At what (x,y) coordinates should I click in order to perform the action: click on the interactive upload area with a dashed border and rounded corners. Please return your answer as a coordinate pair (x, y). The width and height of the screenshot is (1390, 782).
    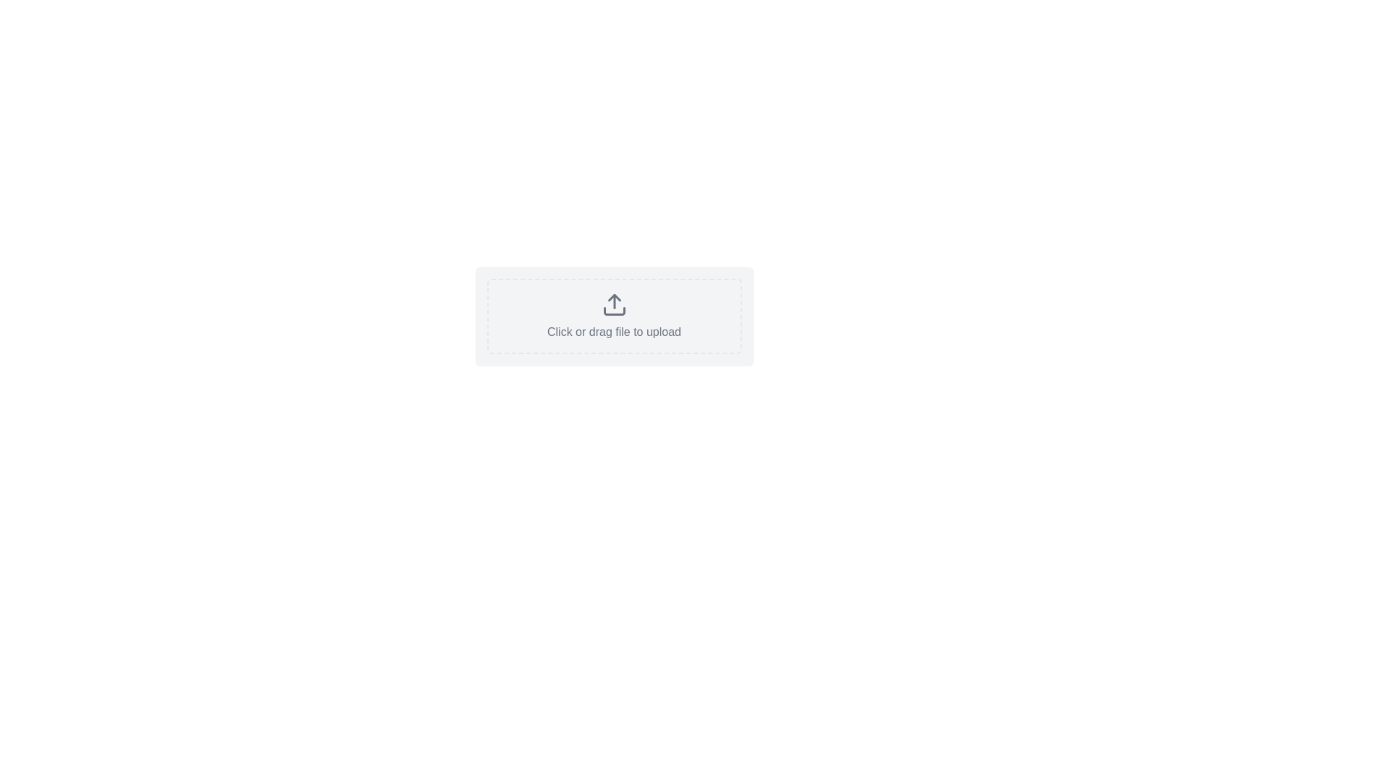
    Looking at the image, I should click on (614, 315).